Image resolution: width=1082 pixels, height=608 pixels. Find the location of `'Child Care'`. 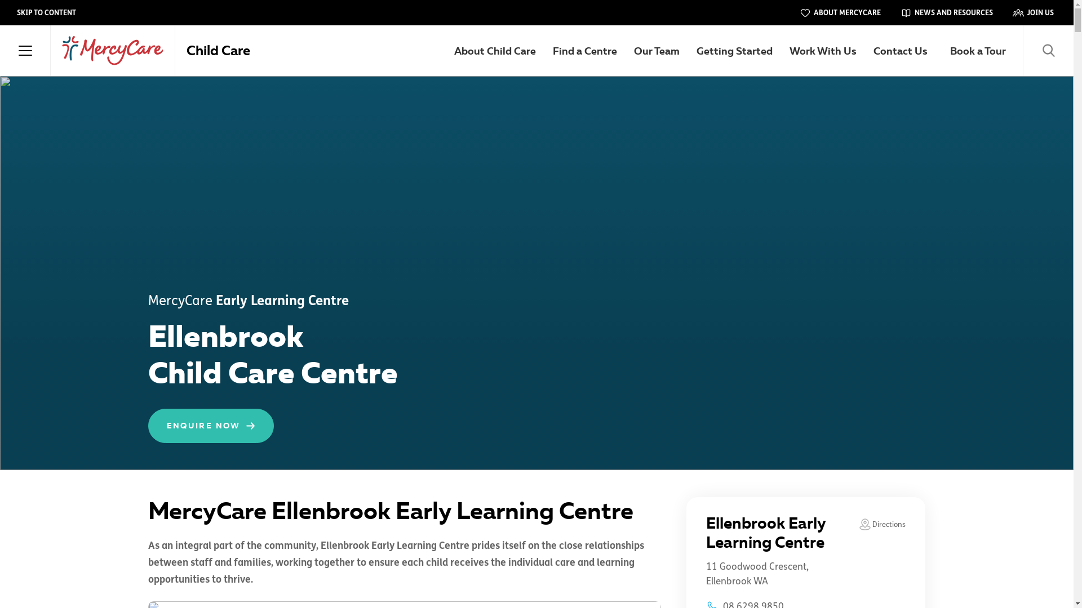

'Child Care' is located at coordinates (175, 50).